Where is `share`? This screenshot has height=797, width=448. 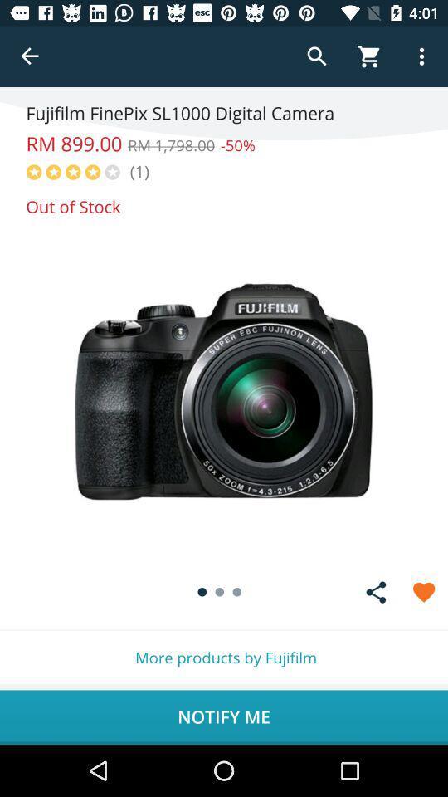 share is located at coordinates (376, 592).